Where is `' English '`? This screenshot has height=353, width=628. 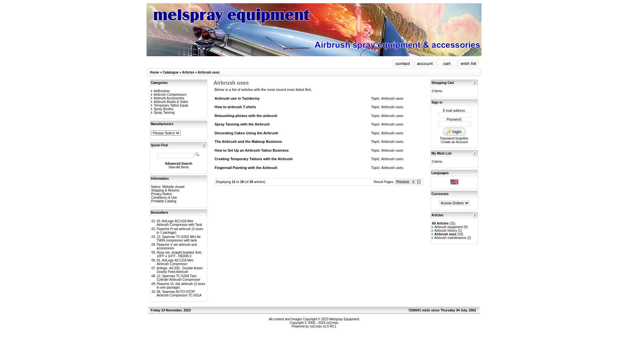
' English ' is located at coordinates (454, 182).